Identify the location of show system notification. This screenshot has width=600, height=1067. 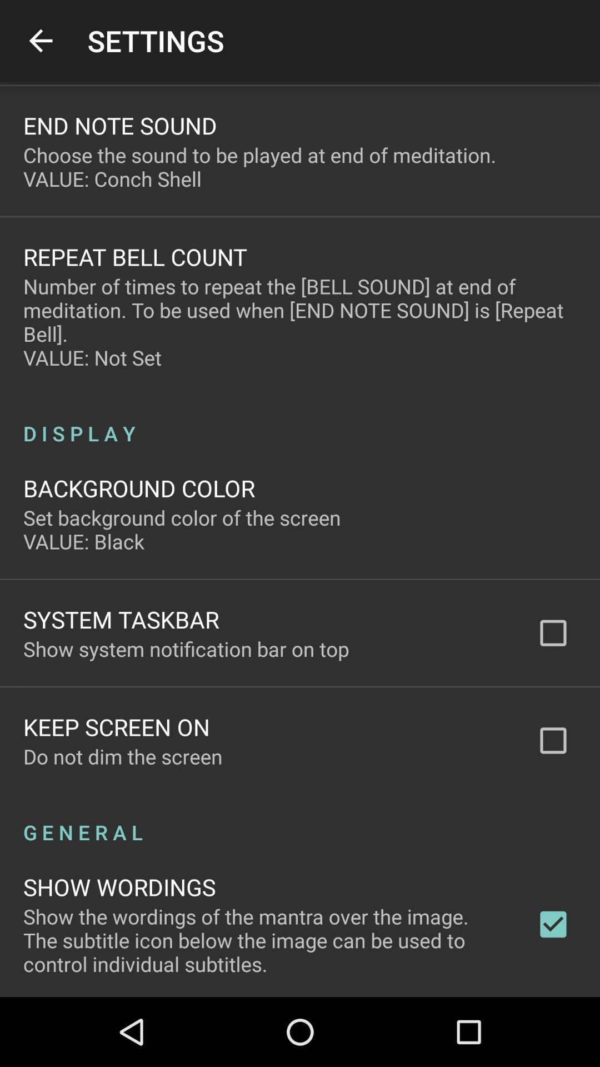
(186, 649).